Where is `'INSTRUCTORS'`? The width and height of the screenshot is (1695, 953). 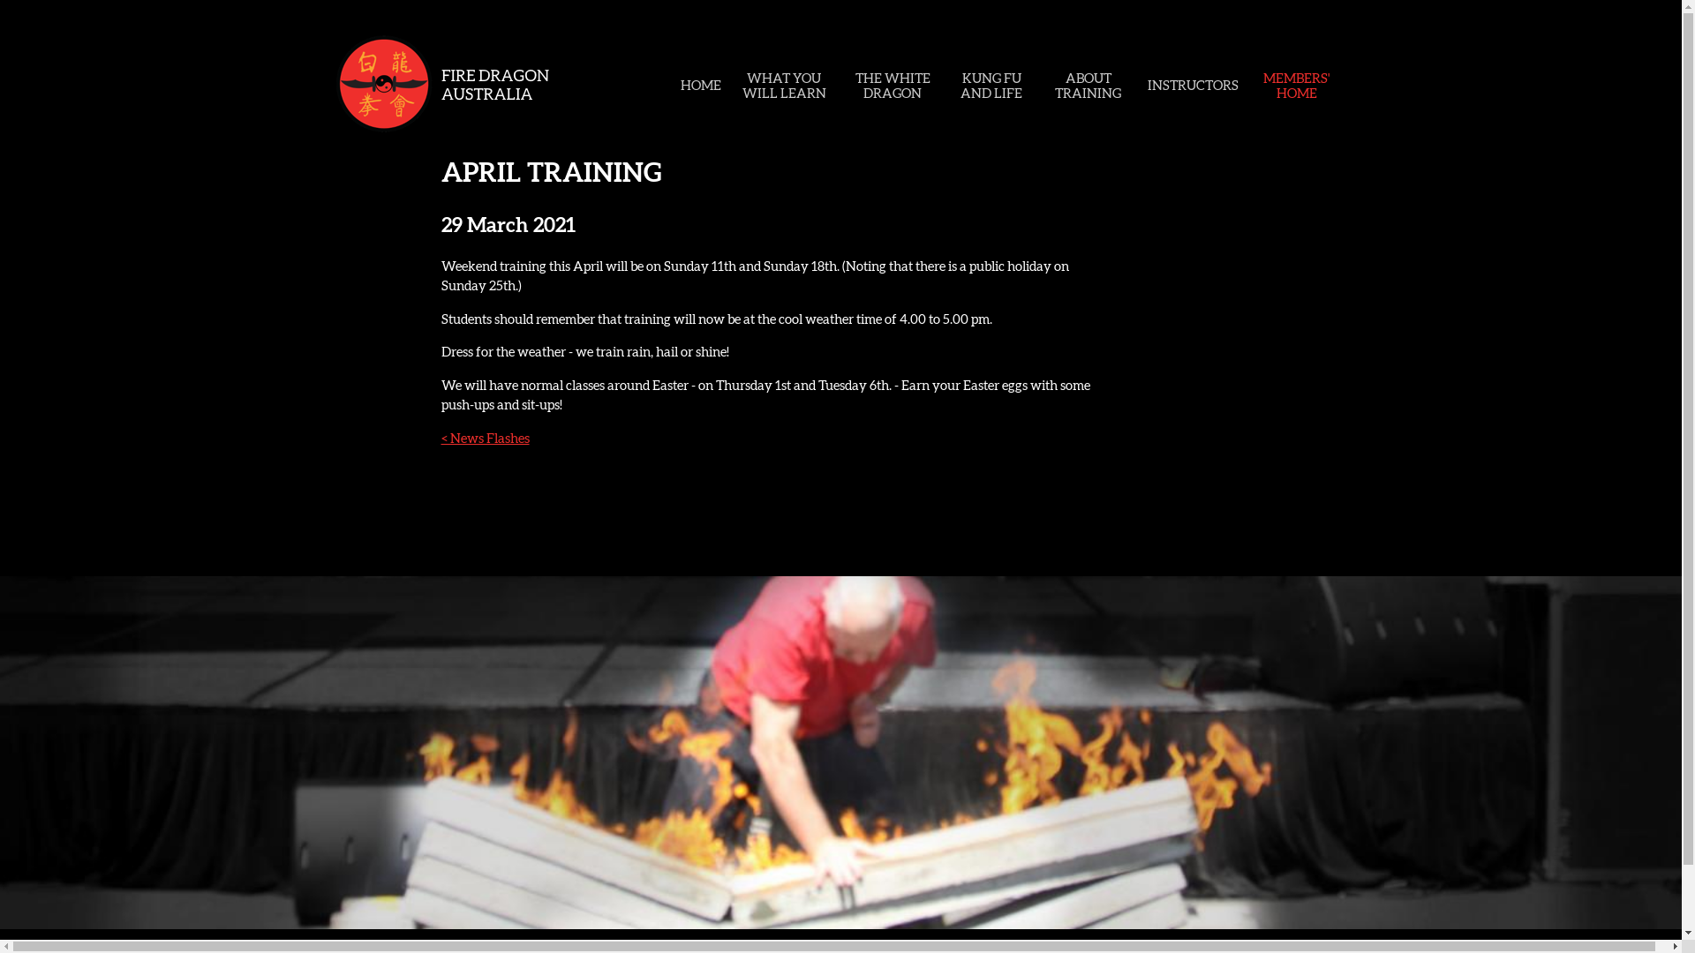 'INSTRUCTORS' is located at coordinates (1193, 85).